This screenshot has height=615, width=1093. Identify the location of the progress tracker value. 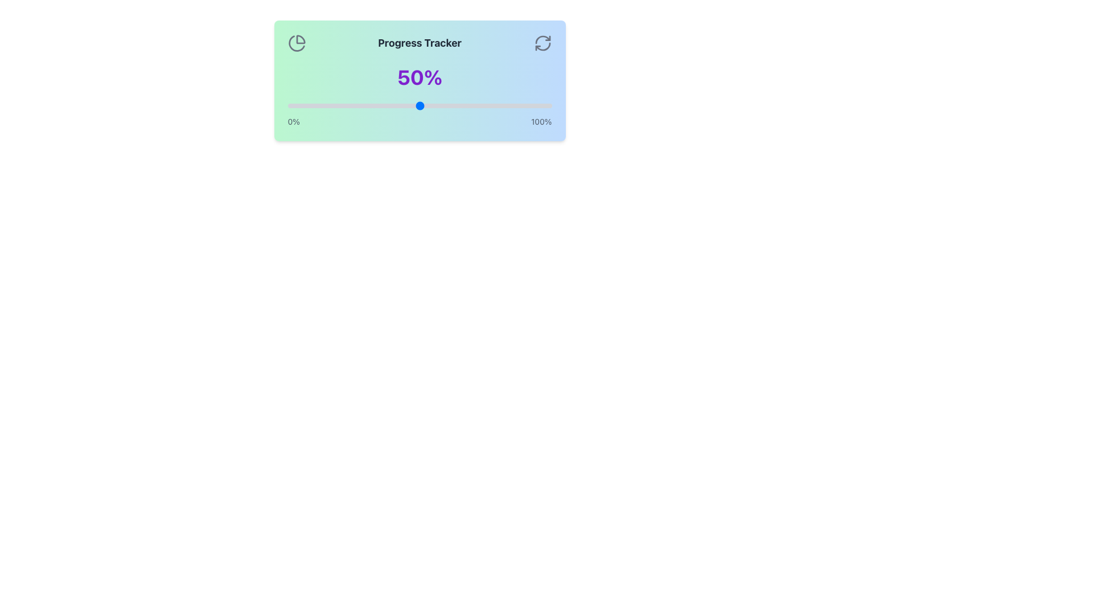
(385, 105).